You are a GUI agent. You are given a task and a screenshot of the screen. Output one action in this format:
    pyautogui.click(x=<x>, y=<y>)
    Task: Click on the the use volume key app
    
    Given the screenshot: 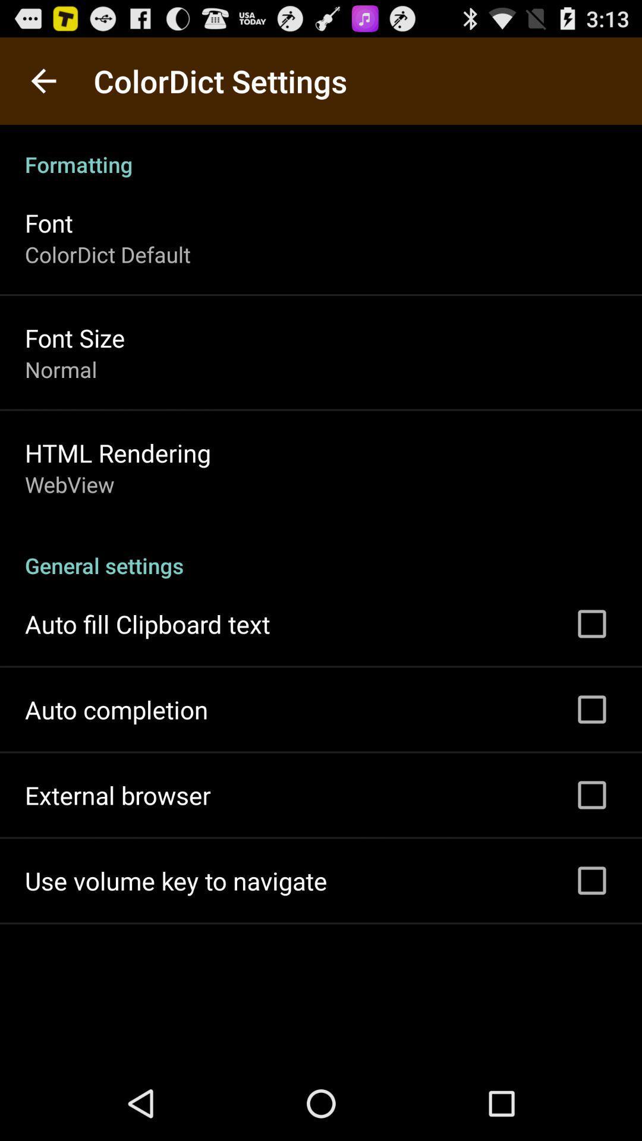 What is the action you would take?
    pyautogui.click(x=176, y=881)
    